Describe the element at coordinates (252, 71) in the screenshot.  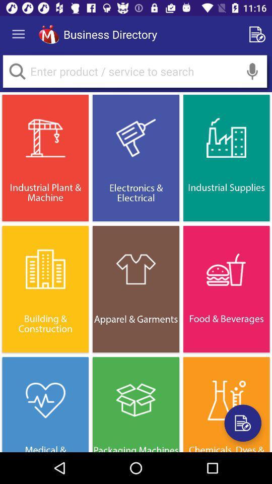
I see `turn on microphone` at that location.